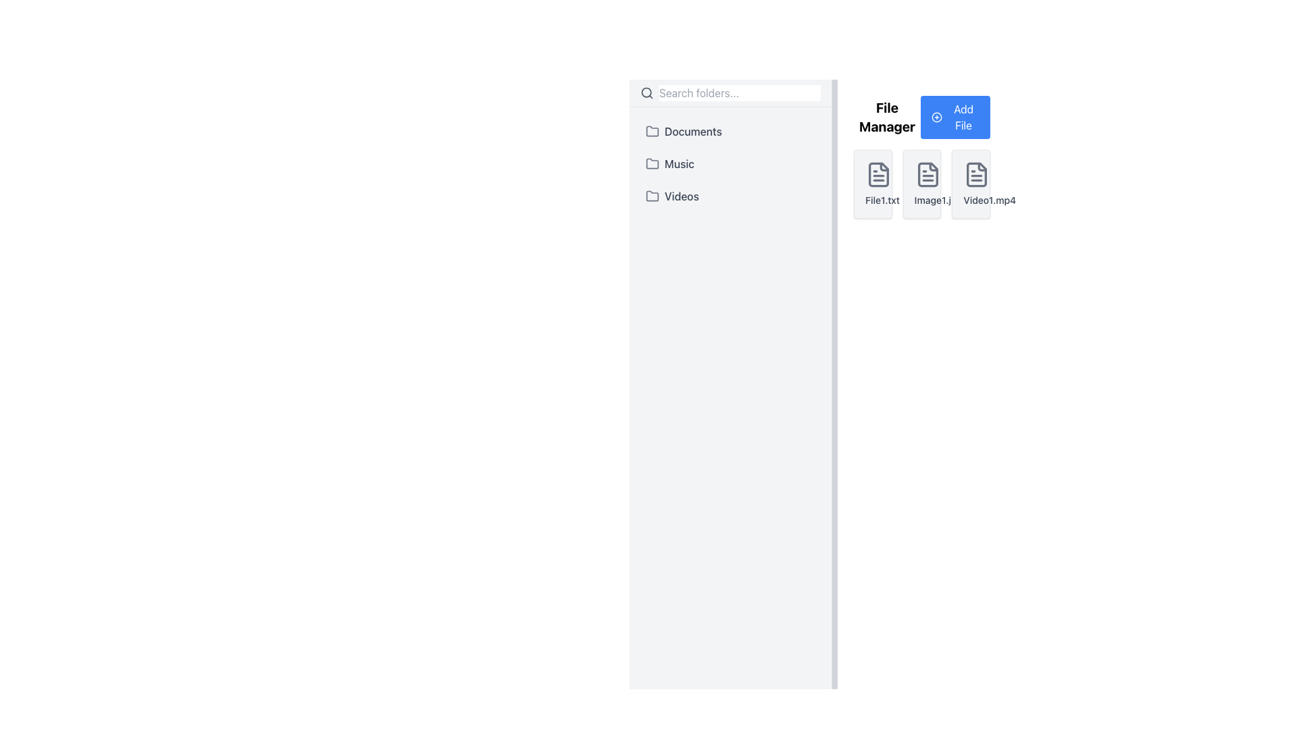 This screenshot has width=1297, height=729. What do you see at coordinates (730, 163) in the screenshot?
I see `to select the 'Music' folder item in the left sidebar of the file navigation panel, which is the second item in a vertical list of folder entries` at bounding box center [730, 163].